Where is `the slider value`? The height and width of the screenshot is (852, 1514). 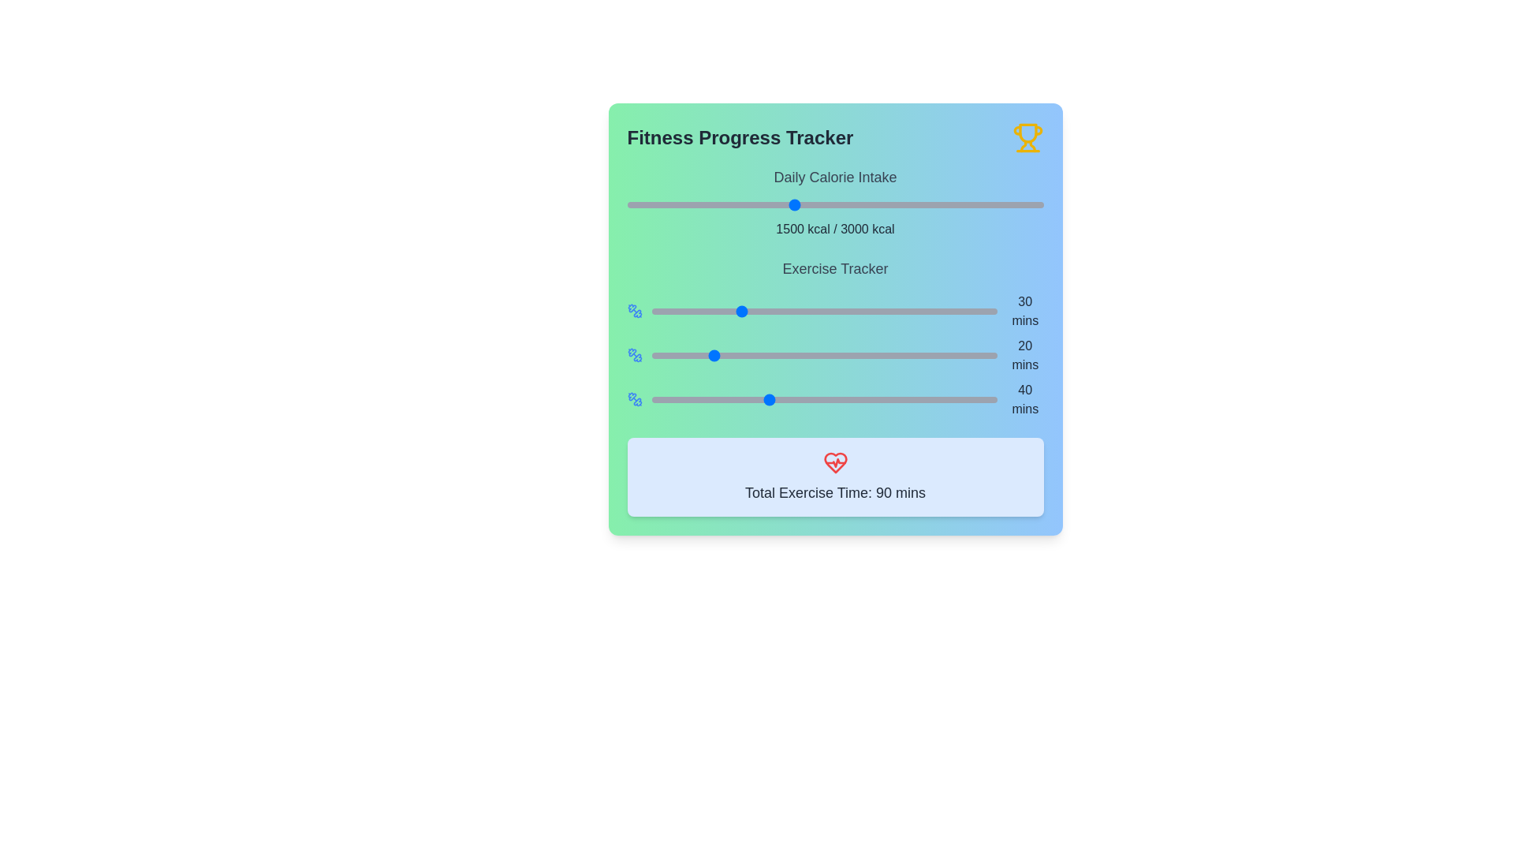
the slider value is located at coordinates (916, 311).